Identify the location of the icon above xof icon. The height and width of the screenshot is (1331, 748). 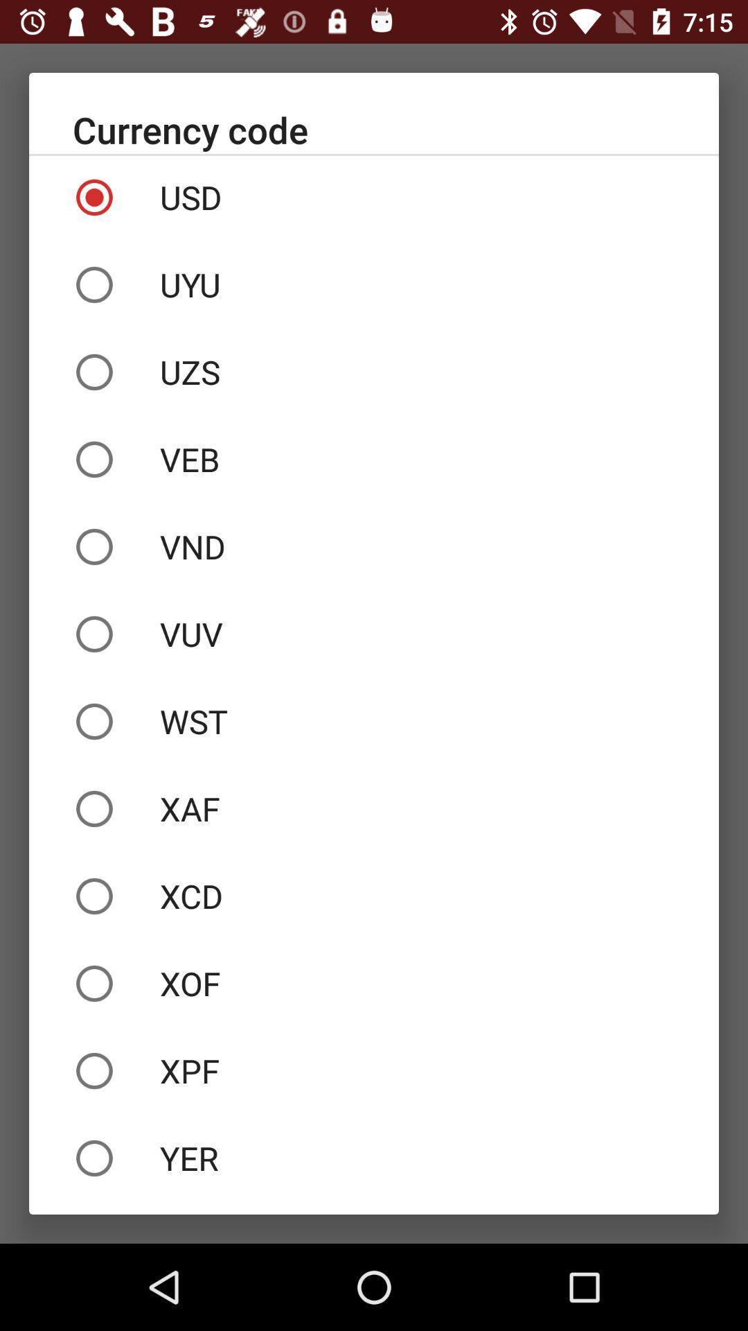
(374, 896).